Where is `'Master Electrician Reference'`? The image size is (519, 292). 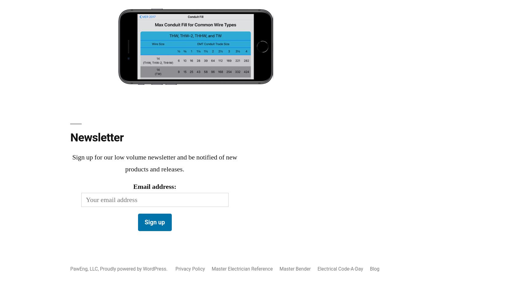
'Master Electrician Reference' is located at coordinates (242, 268).